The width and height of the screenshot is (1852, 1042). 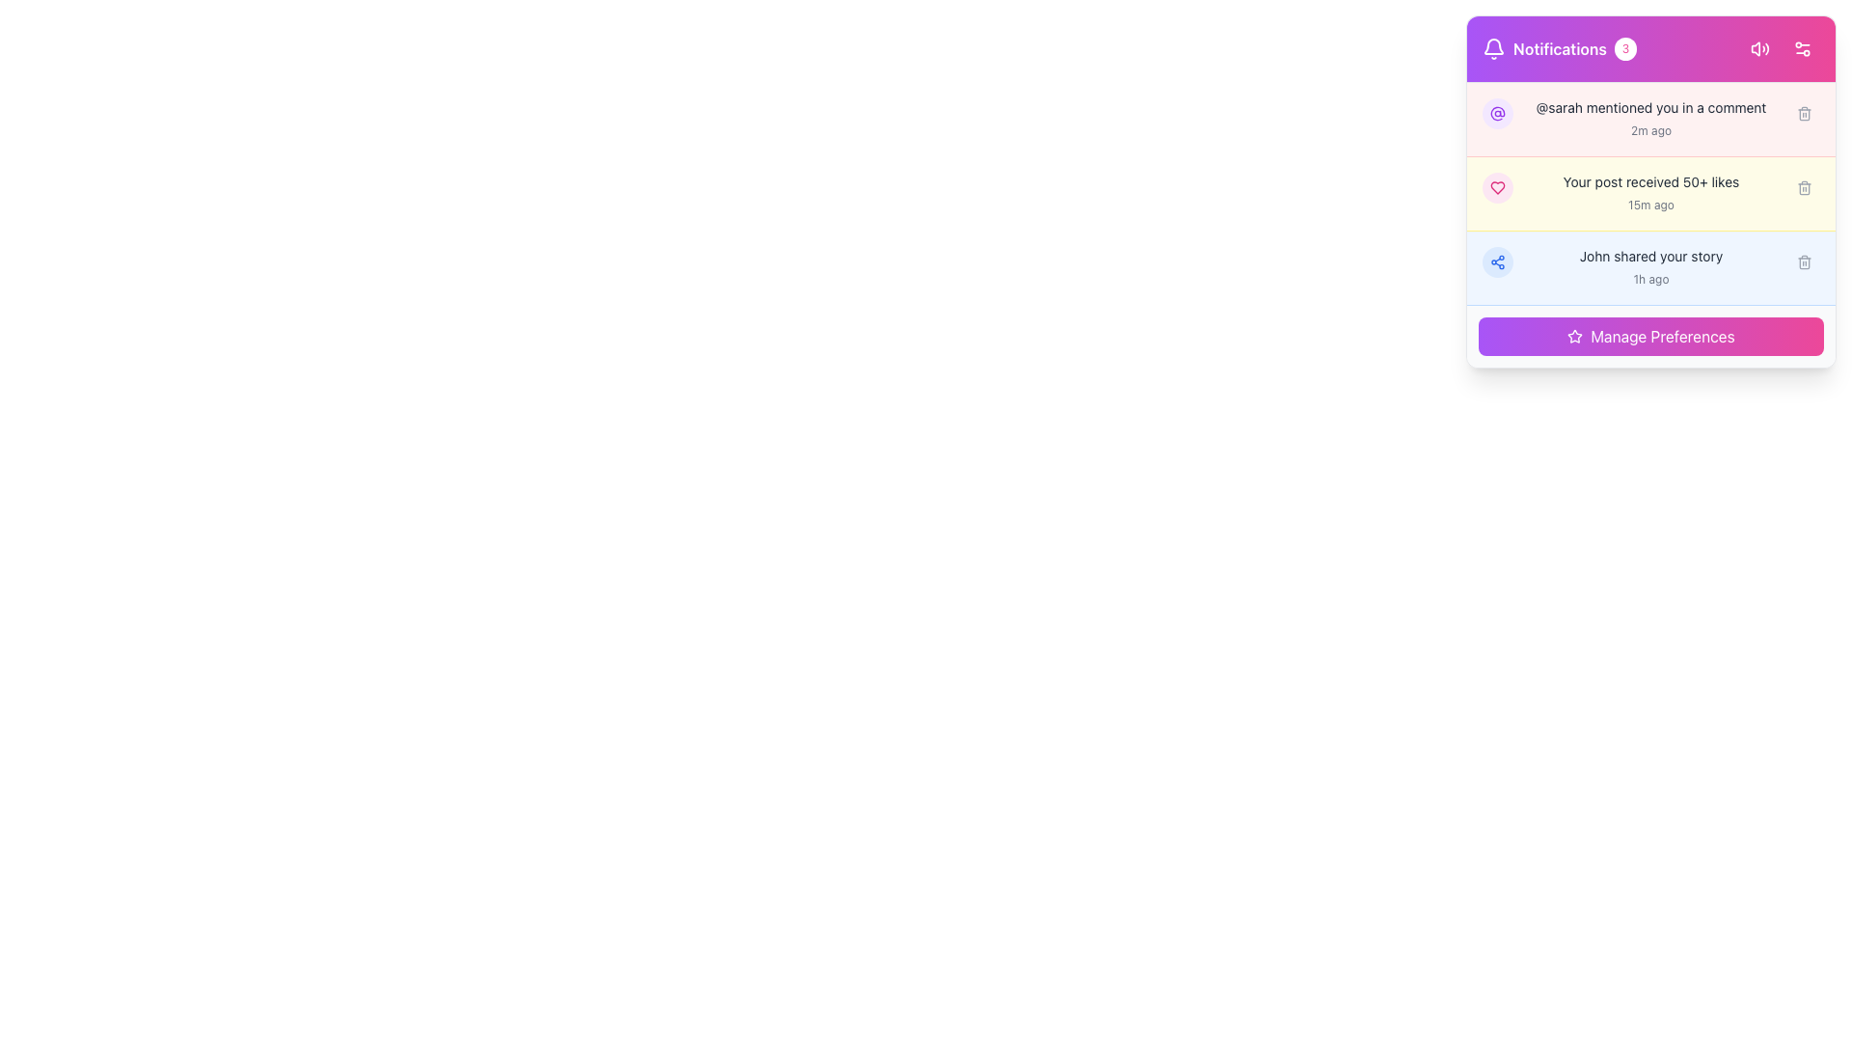 What do you see at coordinates (1650, 119) in the screenshot?
I see `the first notification entry in the notifications panel that displays the message '@sarah mentioned you in a comment'` at bounding box center [1650, 119].